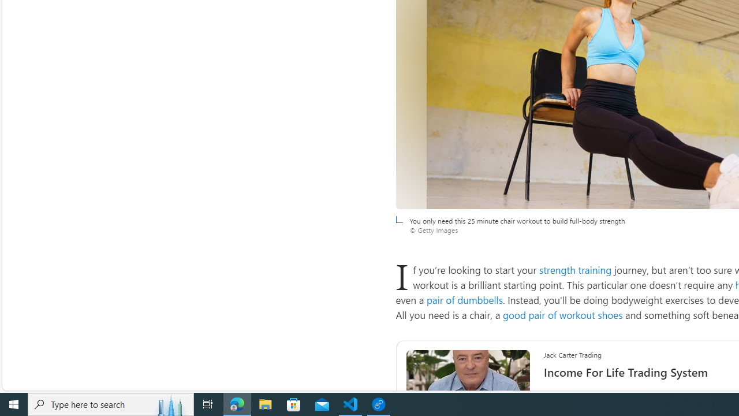 The height and width of the screenshot is (416, 739). What do you see at coordinates (562, 315) in the screenshot?
I see `'good pair of workout shoes'` at bounding box center [562, 315].